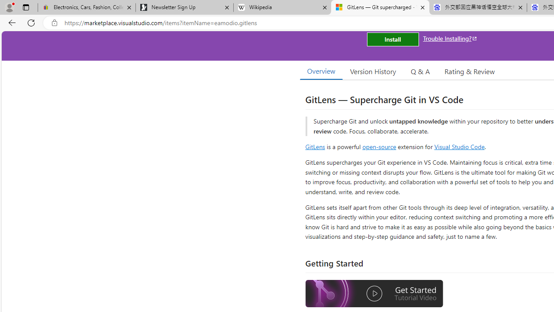 This screenshot has width=554, height=312. What do you see at coordinates (379, 146) in the screenshot?
I see `'open-source'` at bounding box center [379, 146].